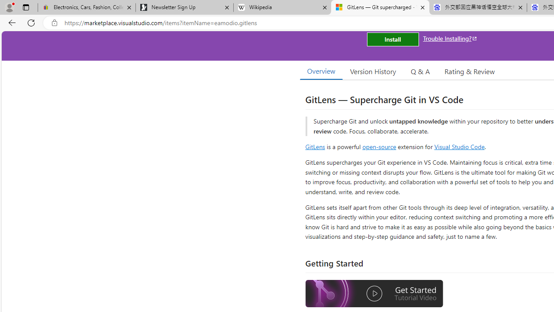 This screenshot has width=554, height=312. What do you see at coordinates (379, 146) in the screenshot?
I see `'open-source'` at bounding box center [379, 146].